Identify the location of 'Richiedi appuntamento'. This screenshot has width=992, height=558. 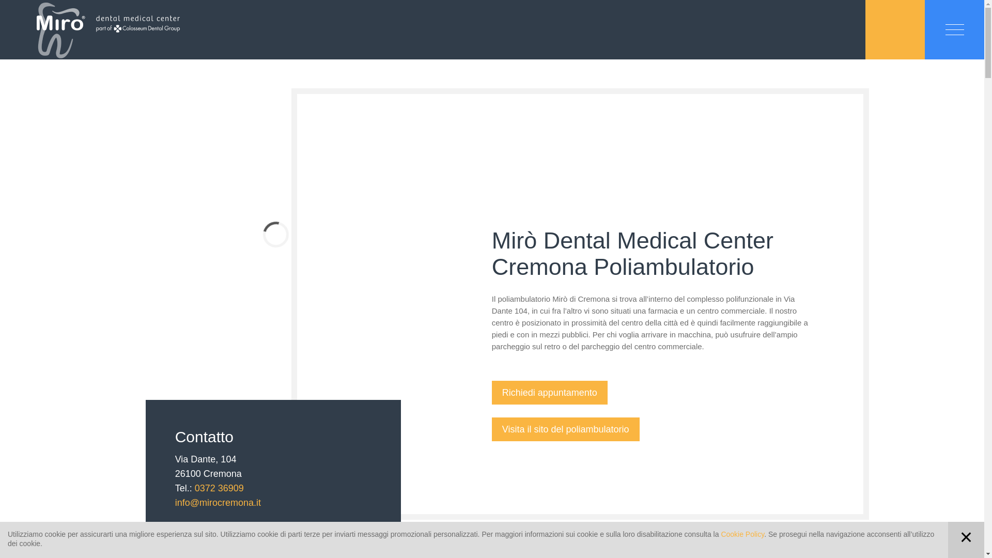
(491, 392).